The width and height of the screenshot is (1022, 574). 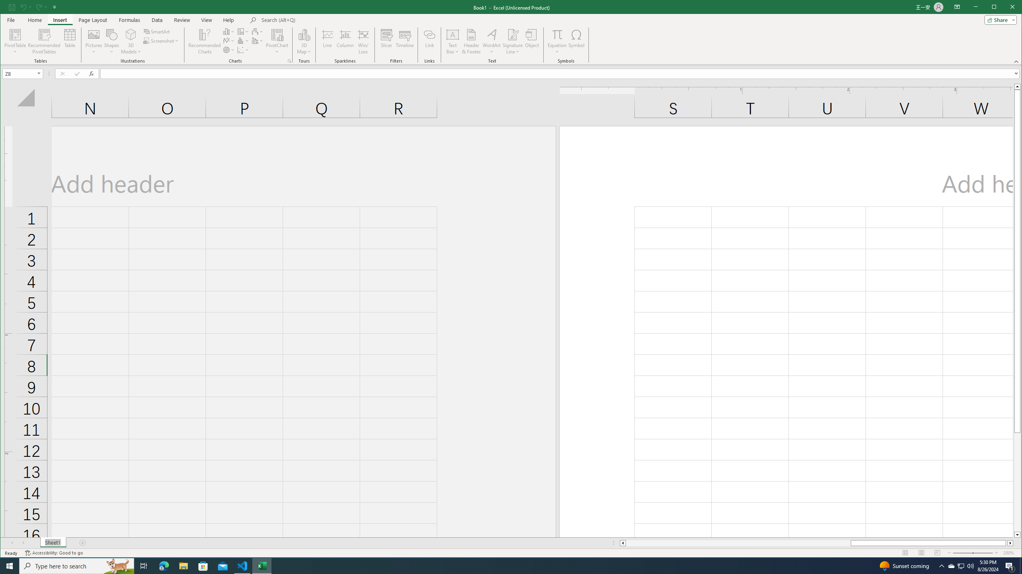 I want to click on 'PivotTable', so click(x=15, y=34).